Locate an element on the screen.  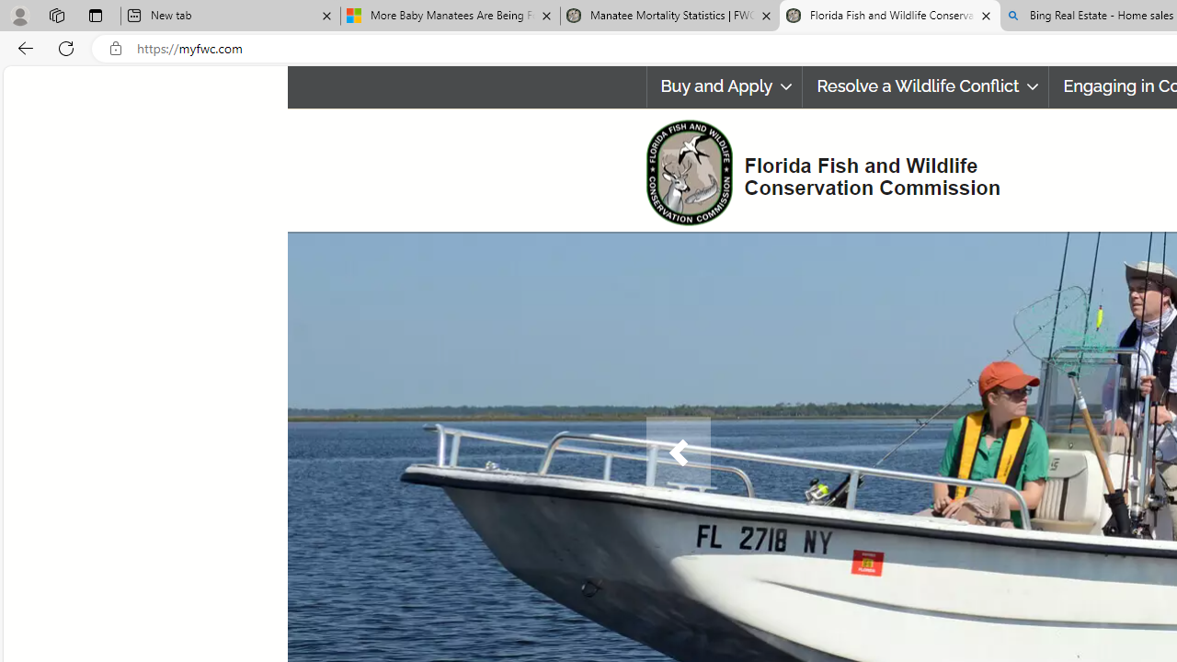
'Personal Profile' is located at coordinates (19, 15).